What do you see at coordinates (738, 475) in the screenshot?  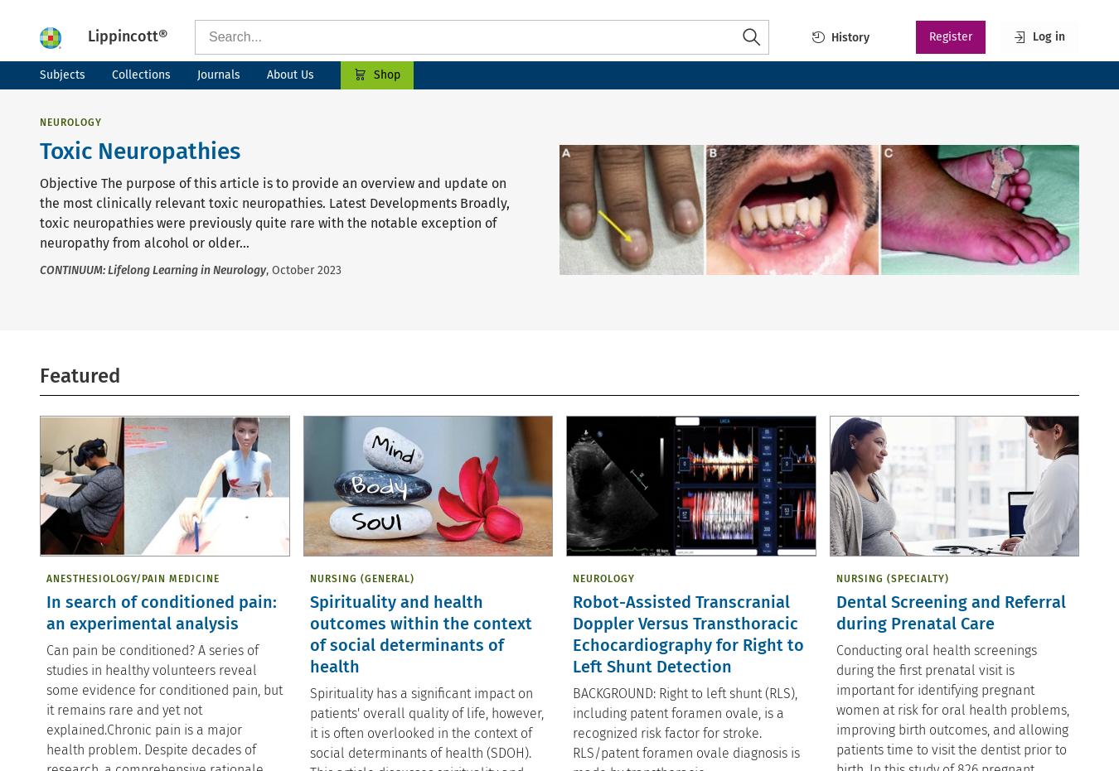 I see `'September 13, 2023'` at bounding box center [738, 475].